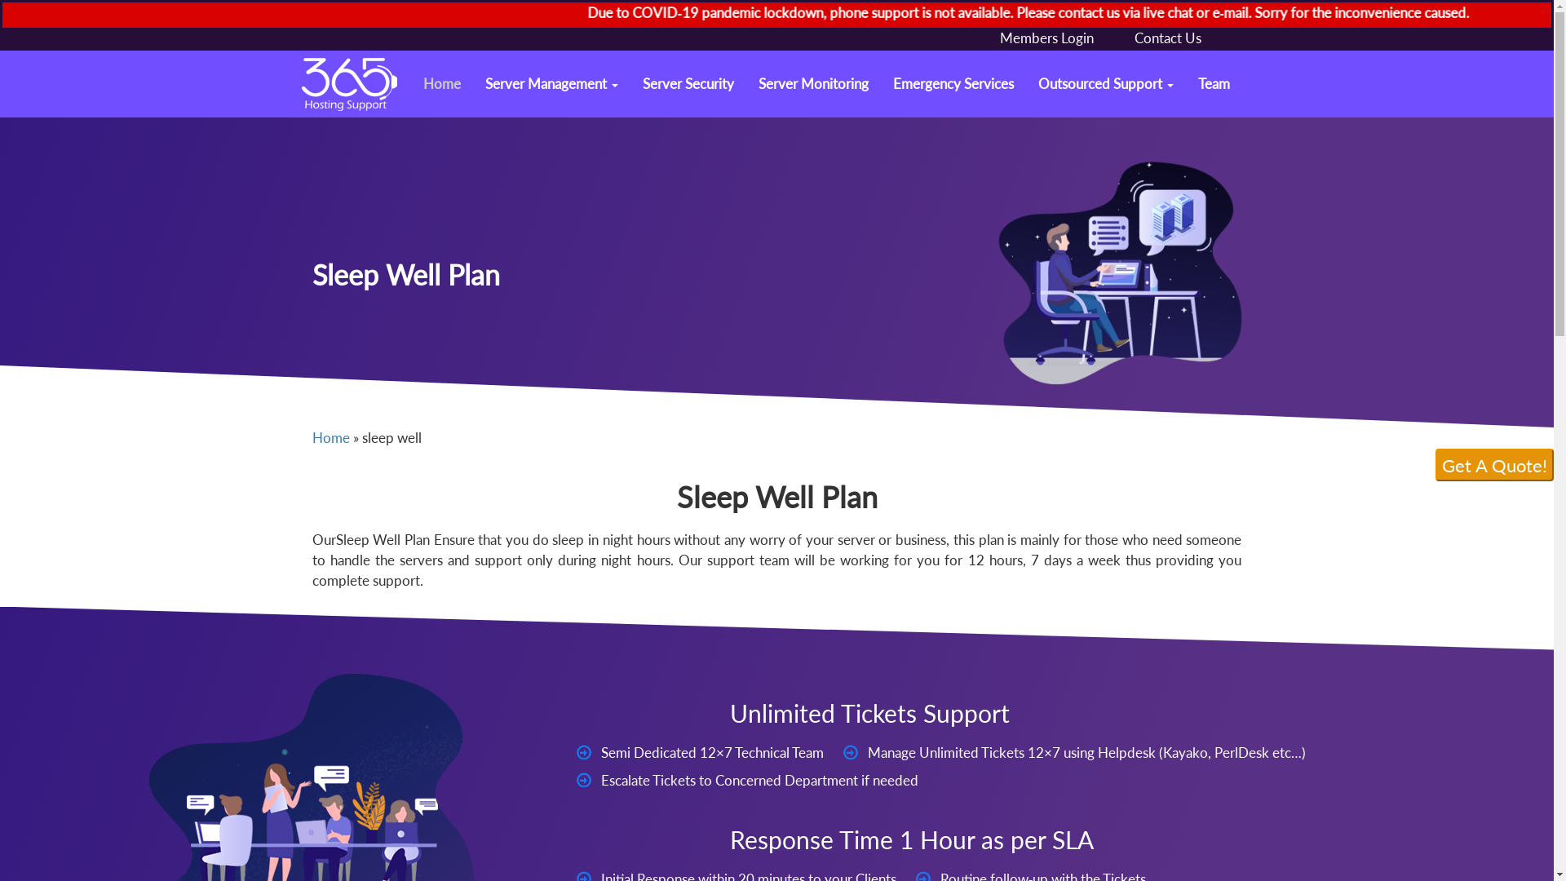  I want to click on 'Home', so click(329, 436).